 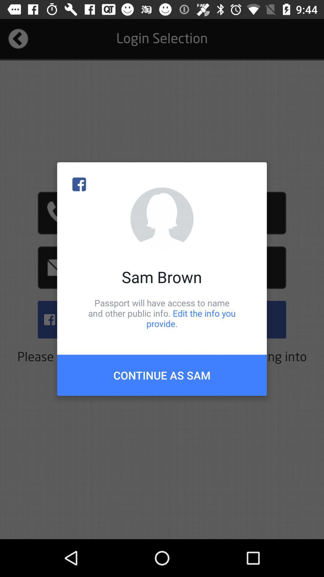 I want to click on the passport will have icon, so click(x=162, y=313).